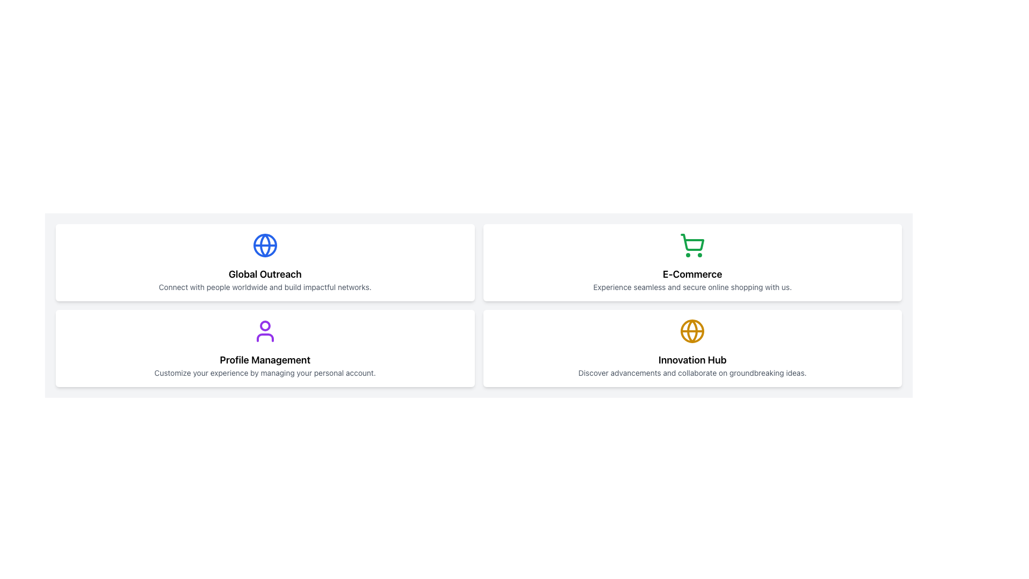 This screenshot has height=579, width=1029. Describe the element at coordinates (265, 246) in the screenshot. I see `the Decorative SVG circle that is part of the globe icon located in the upper left card of the four-card layout, situated above the 'Global Outreach' text` at that location.